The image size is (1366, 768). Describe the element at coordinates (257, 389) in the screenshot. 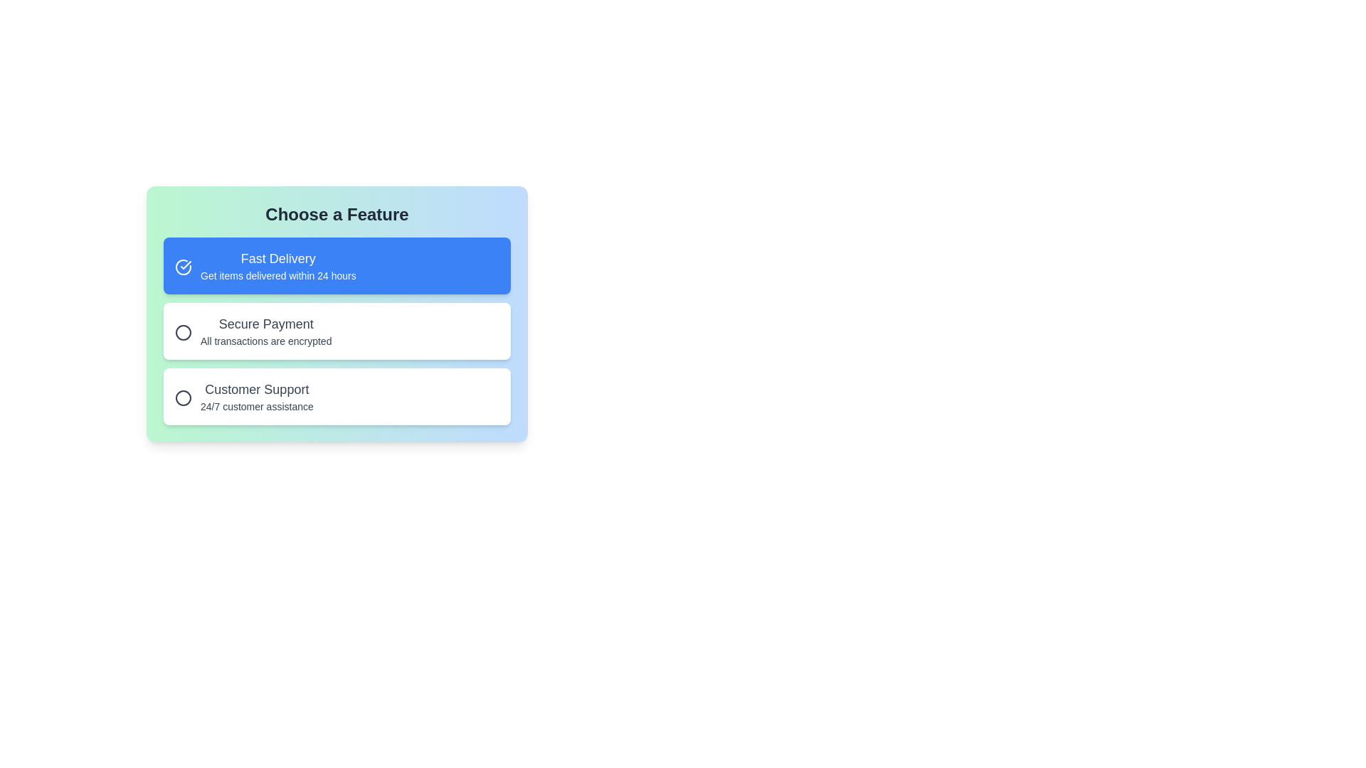

I see `the 'Customer Support' static text label located at the top of the third feature option card, which identifies the customer assistance feature` at that location.